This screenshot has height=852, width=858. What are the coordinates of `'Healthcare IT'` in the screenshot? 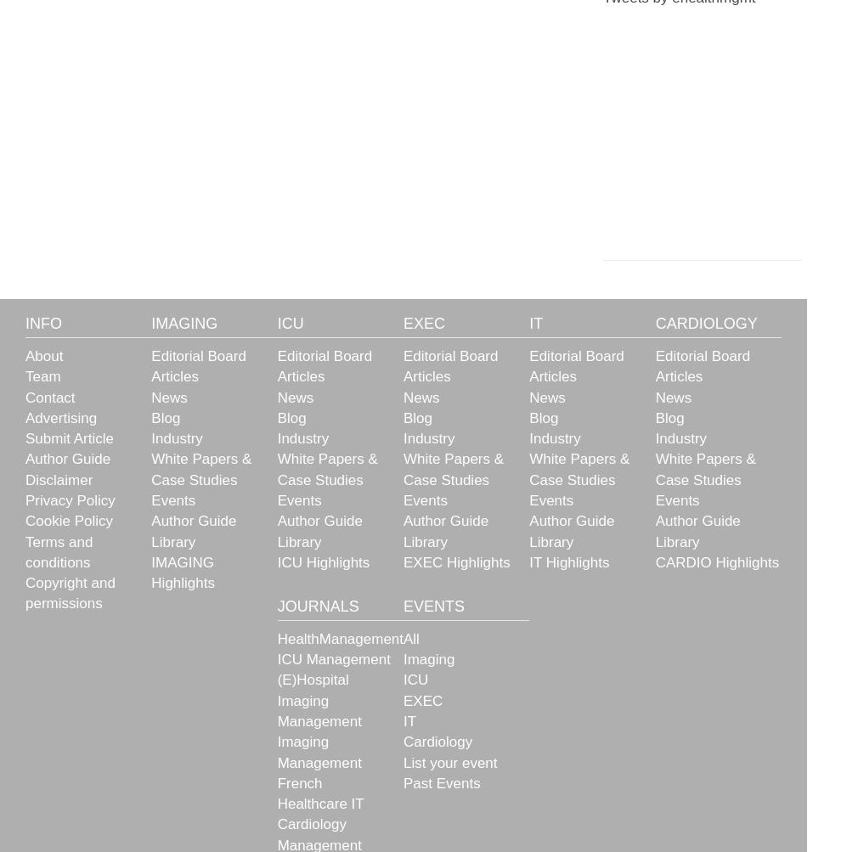 It's located at (320, 803).